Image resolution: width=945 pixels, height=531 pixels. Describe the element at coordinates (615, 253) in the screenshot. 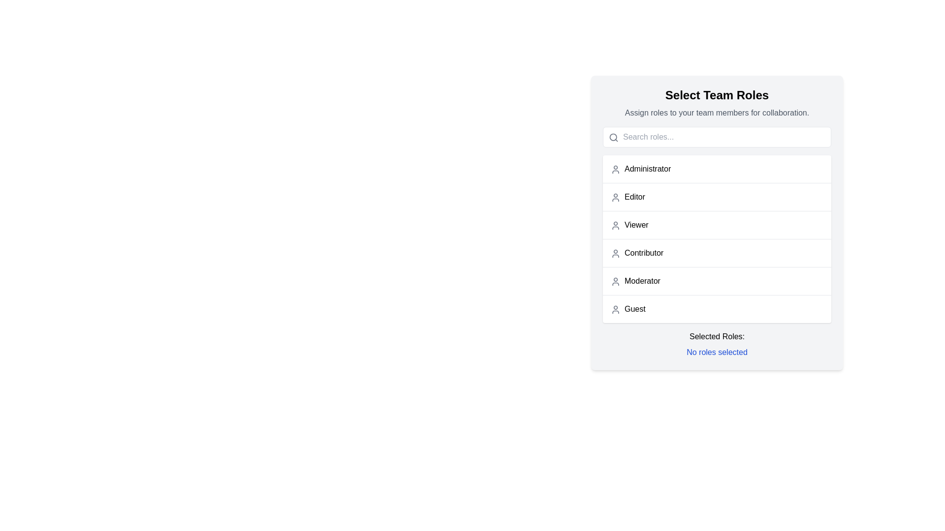

I see `the user profile icon adjacent to the 'Contributor' label in the 'Select Team Roles' interface` at that location.